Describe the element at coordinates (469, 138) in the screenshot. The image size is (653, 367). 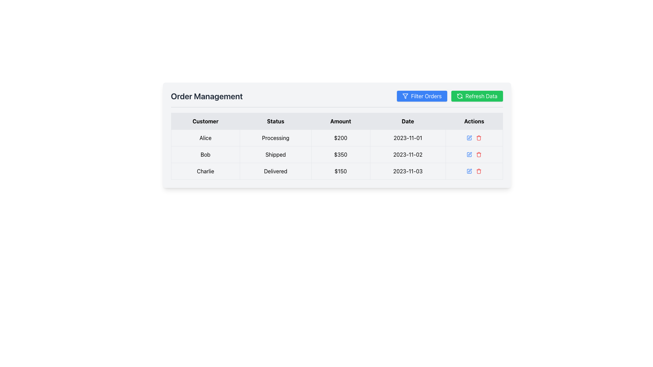
I see `the edit button in the 'Actions' column of the second row for the customer 'Bob'` at that location.